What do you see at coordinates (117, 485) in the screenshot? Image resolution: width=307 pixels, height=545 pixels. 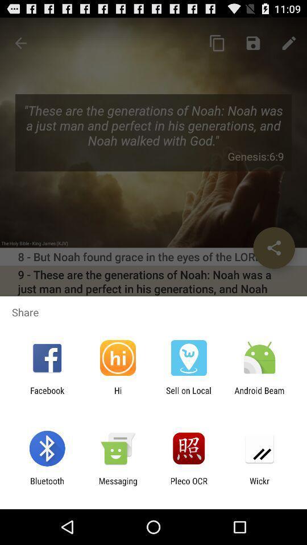 I see `messaging icon` at bounding box center [117, 485].